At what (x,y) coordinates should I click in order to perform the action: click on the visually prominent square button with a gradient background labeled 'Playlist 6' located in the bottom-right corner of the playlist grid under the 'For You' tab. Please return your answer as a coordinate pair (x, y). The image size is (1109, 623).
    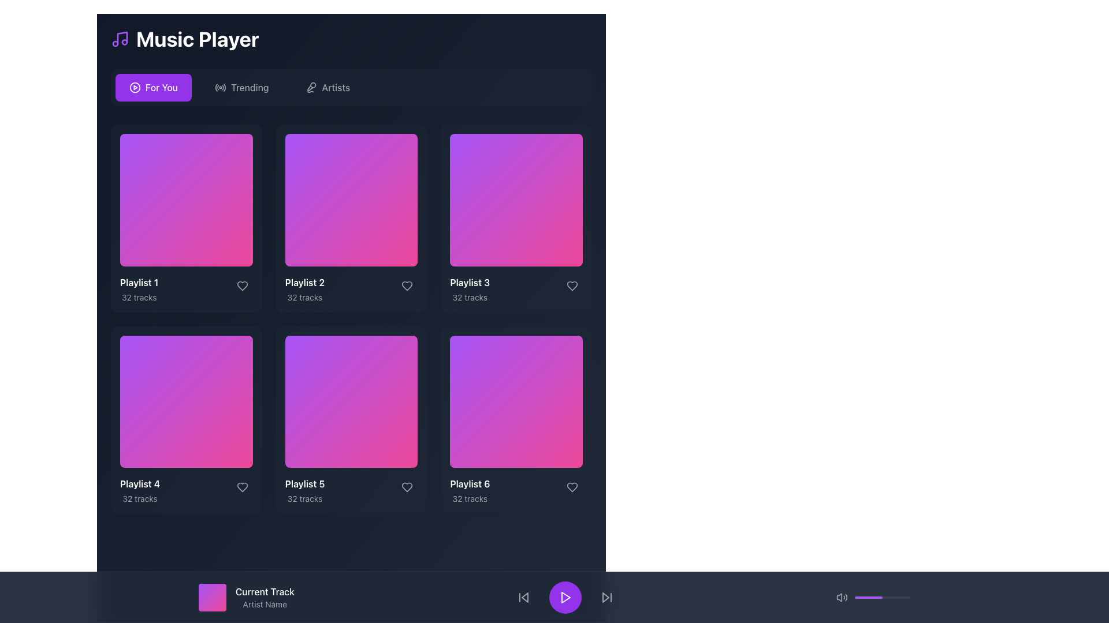
    Looking at the image, I should click on (516, 401).